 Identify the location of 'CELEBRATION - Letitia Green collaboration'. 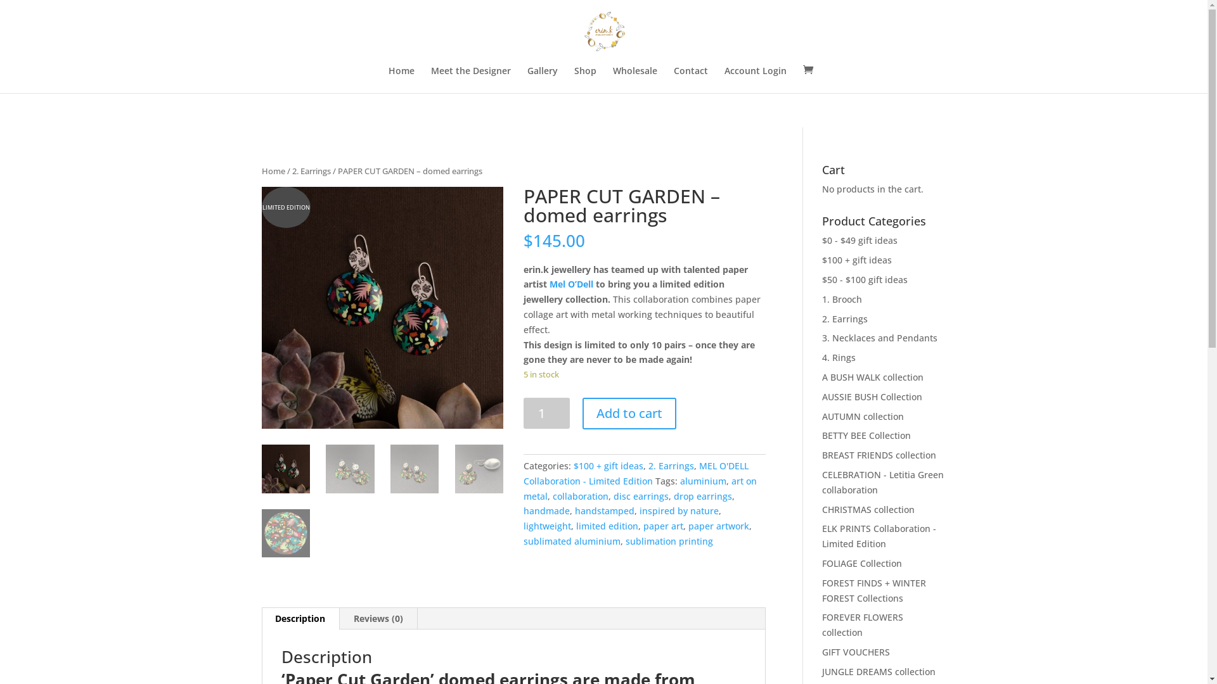
(882, 482).